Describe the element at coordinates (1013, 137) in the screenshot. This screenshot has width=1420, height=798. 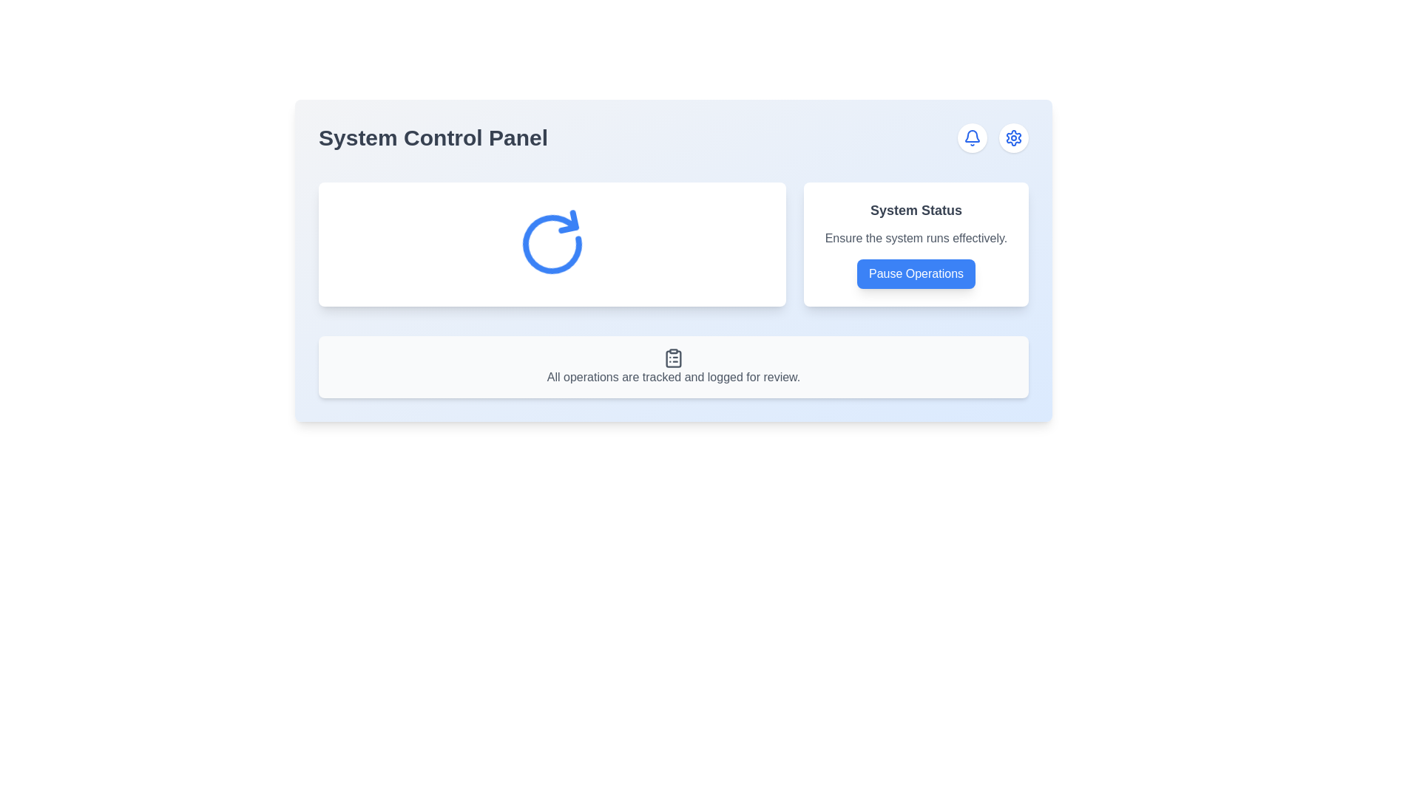
I see `the blue gear icon button located in the top-right corner of the interface` at that location.